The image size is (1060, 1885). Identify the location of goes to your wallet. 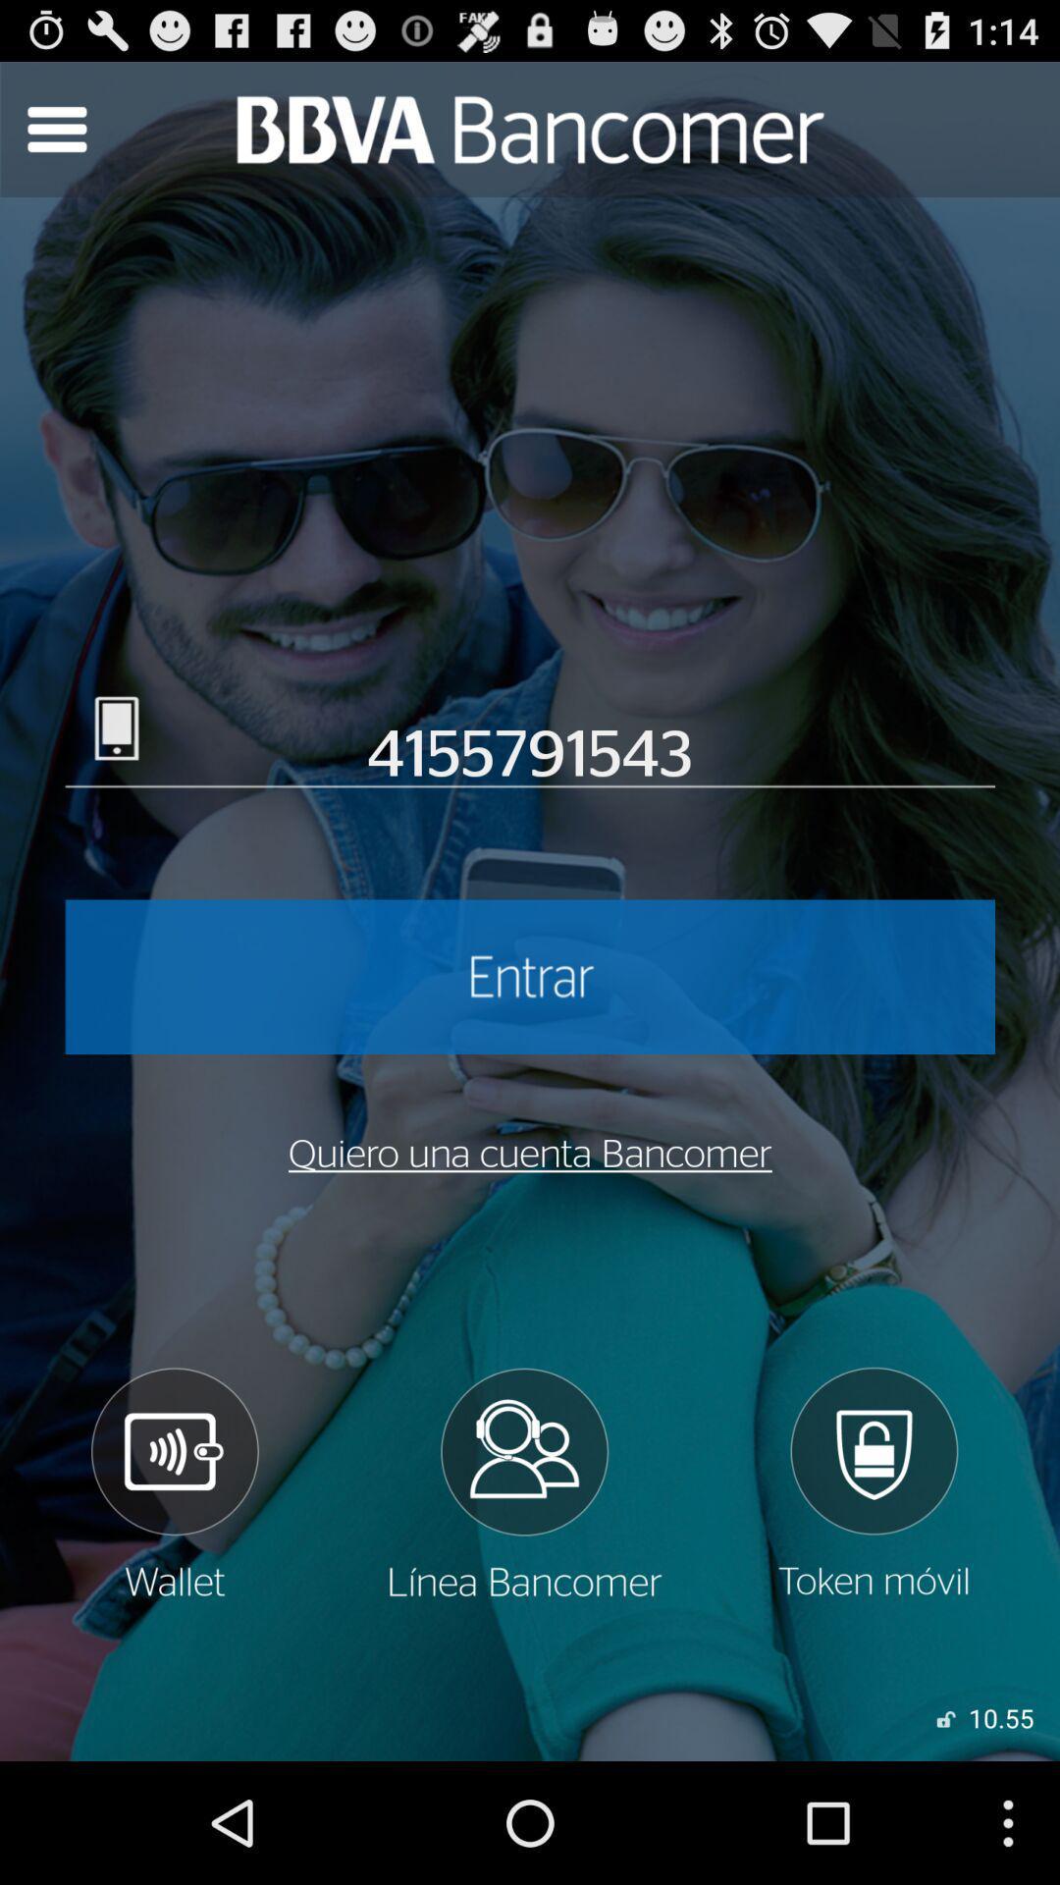
(173, 1483).